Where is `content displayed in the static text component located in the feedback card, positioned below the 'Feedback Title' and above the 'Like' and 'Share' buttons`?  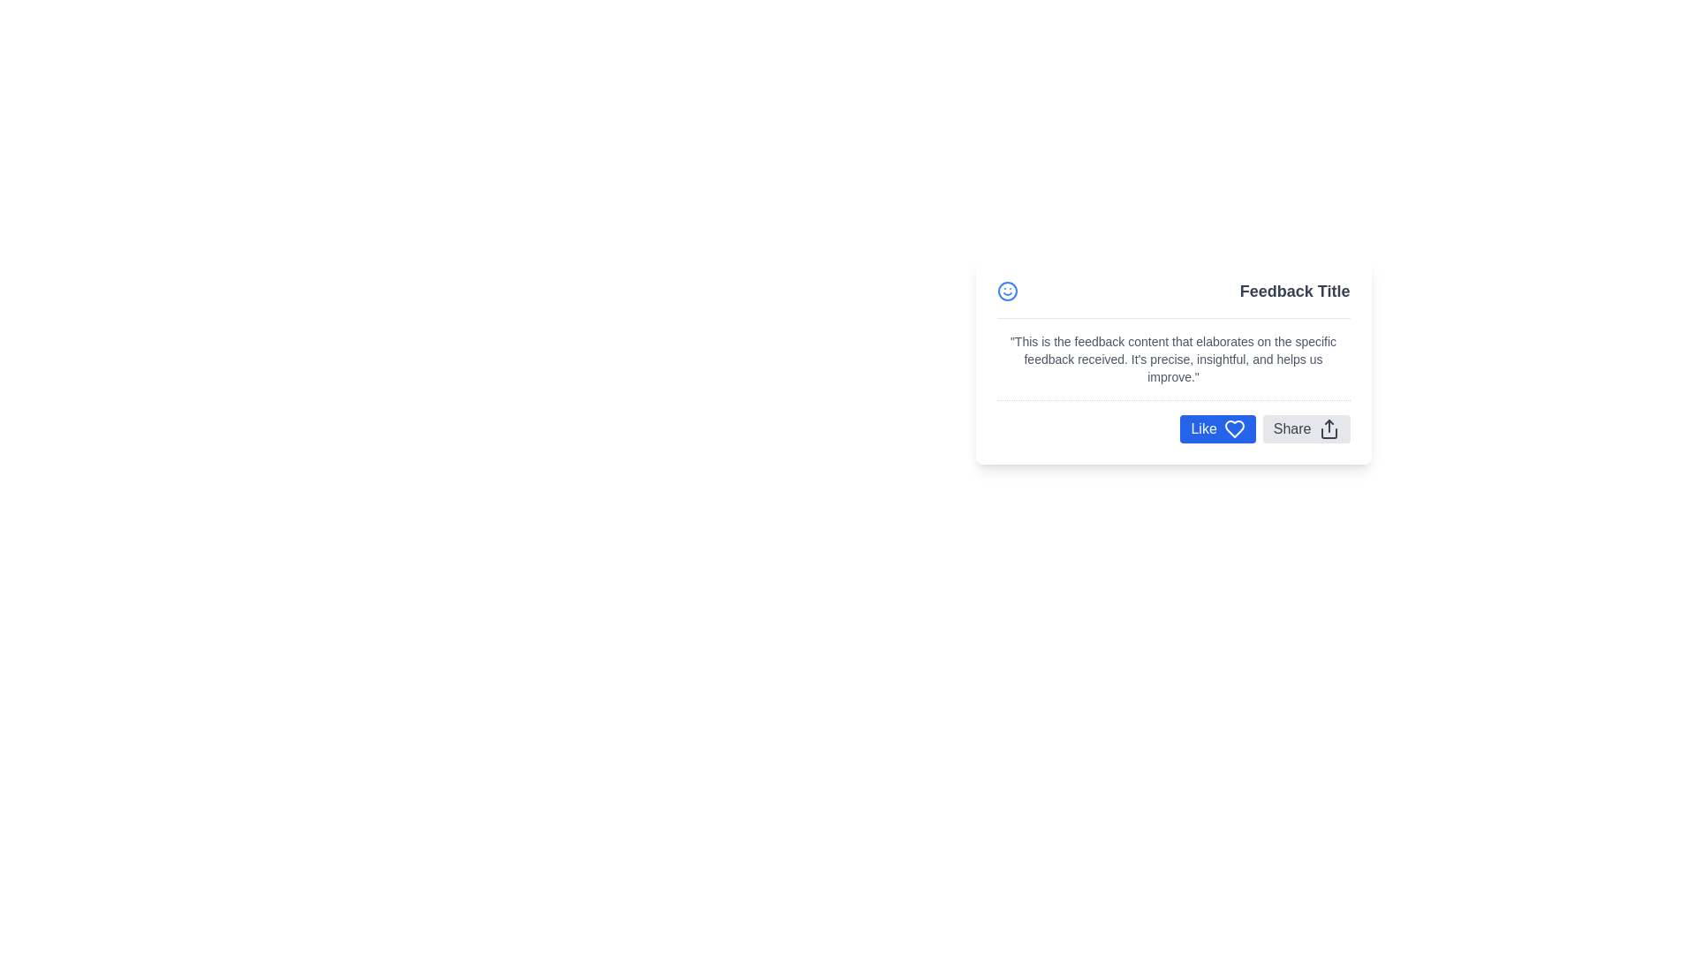
content displayed in the static text component located in the feedback card, positioned below the 'Feedback Title' and above the 'Like' and 'Share' buttons is located at coordinates (1173, 359).